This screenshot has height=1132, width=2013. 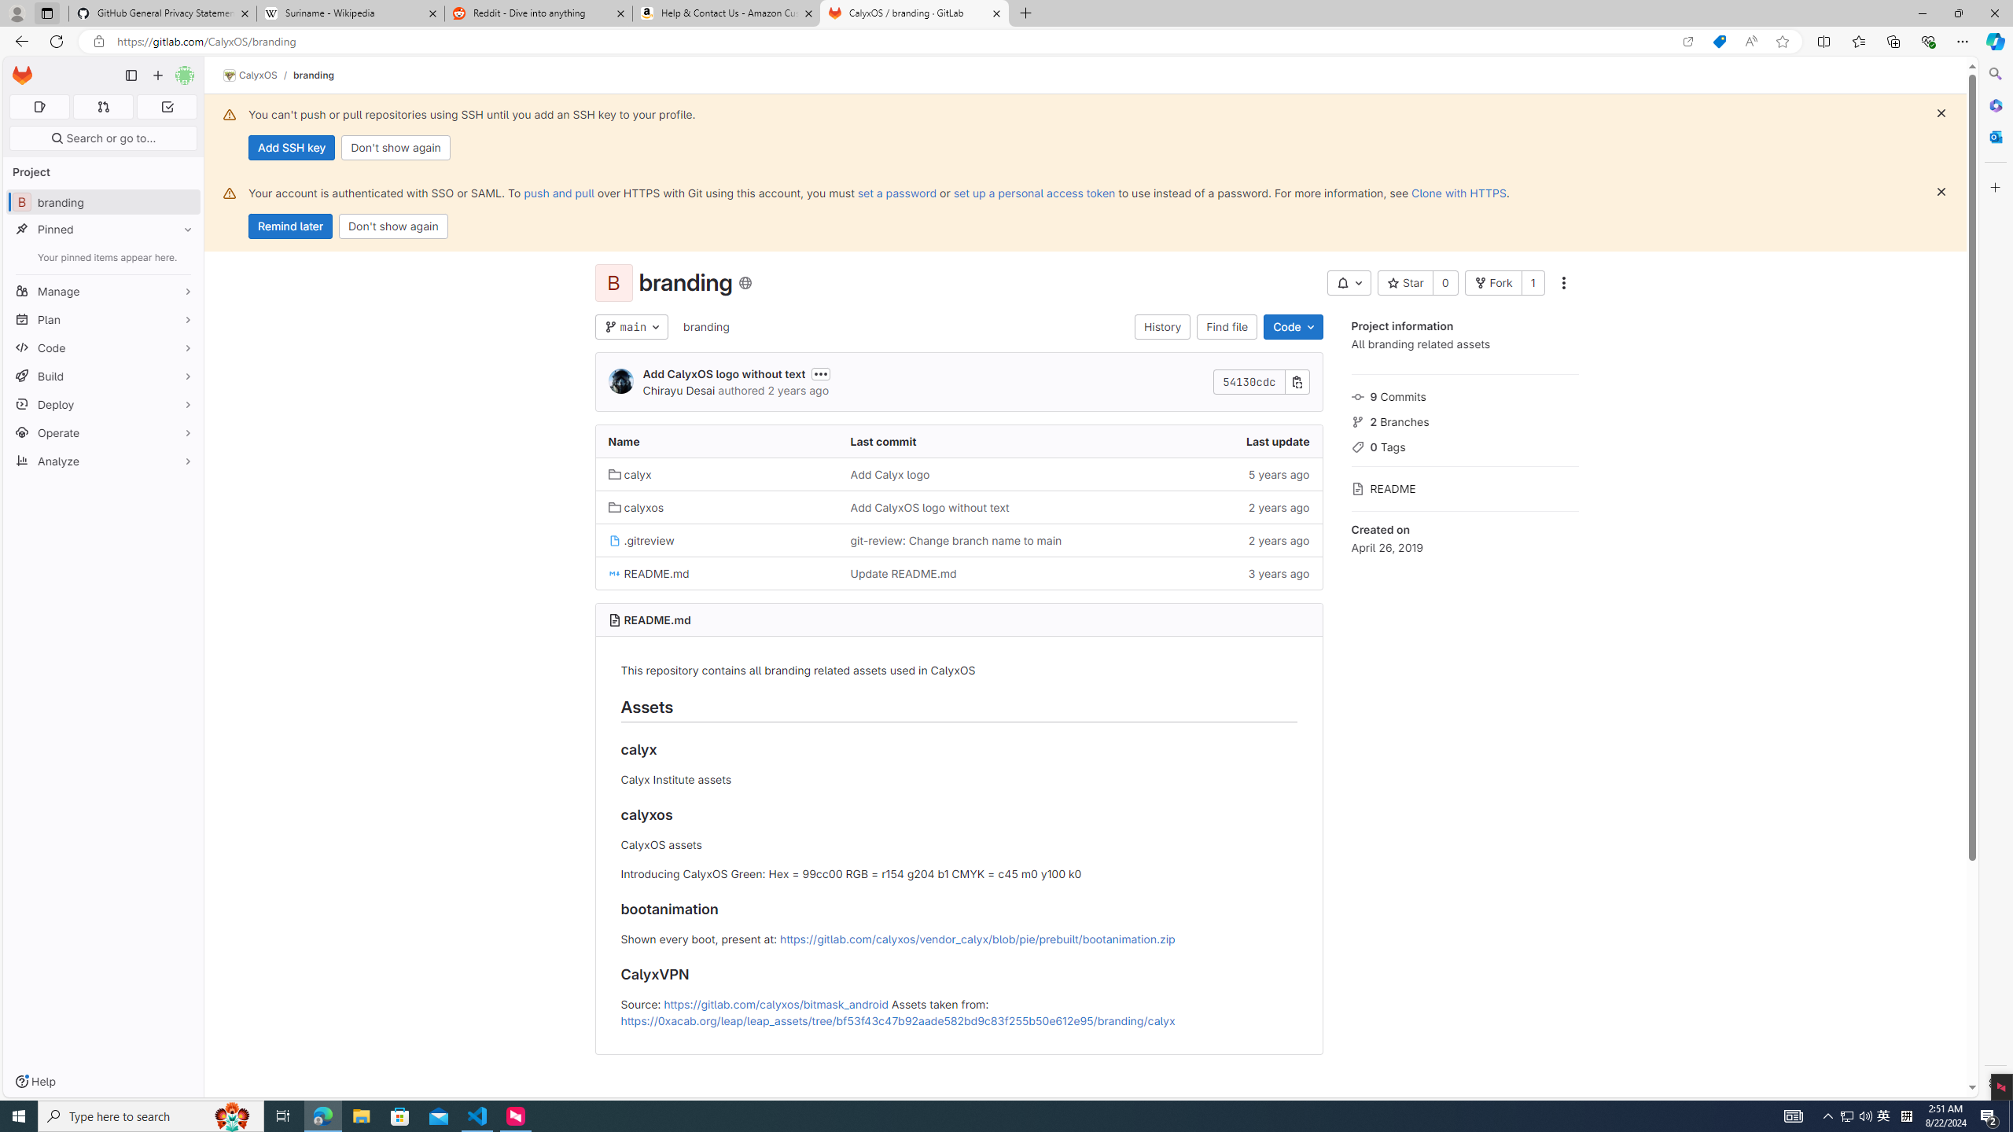 I want to click on 'Open in app', so click(x=1687, y=42).